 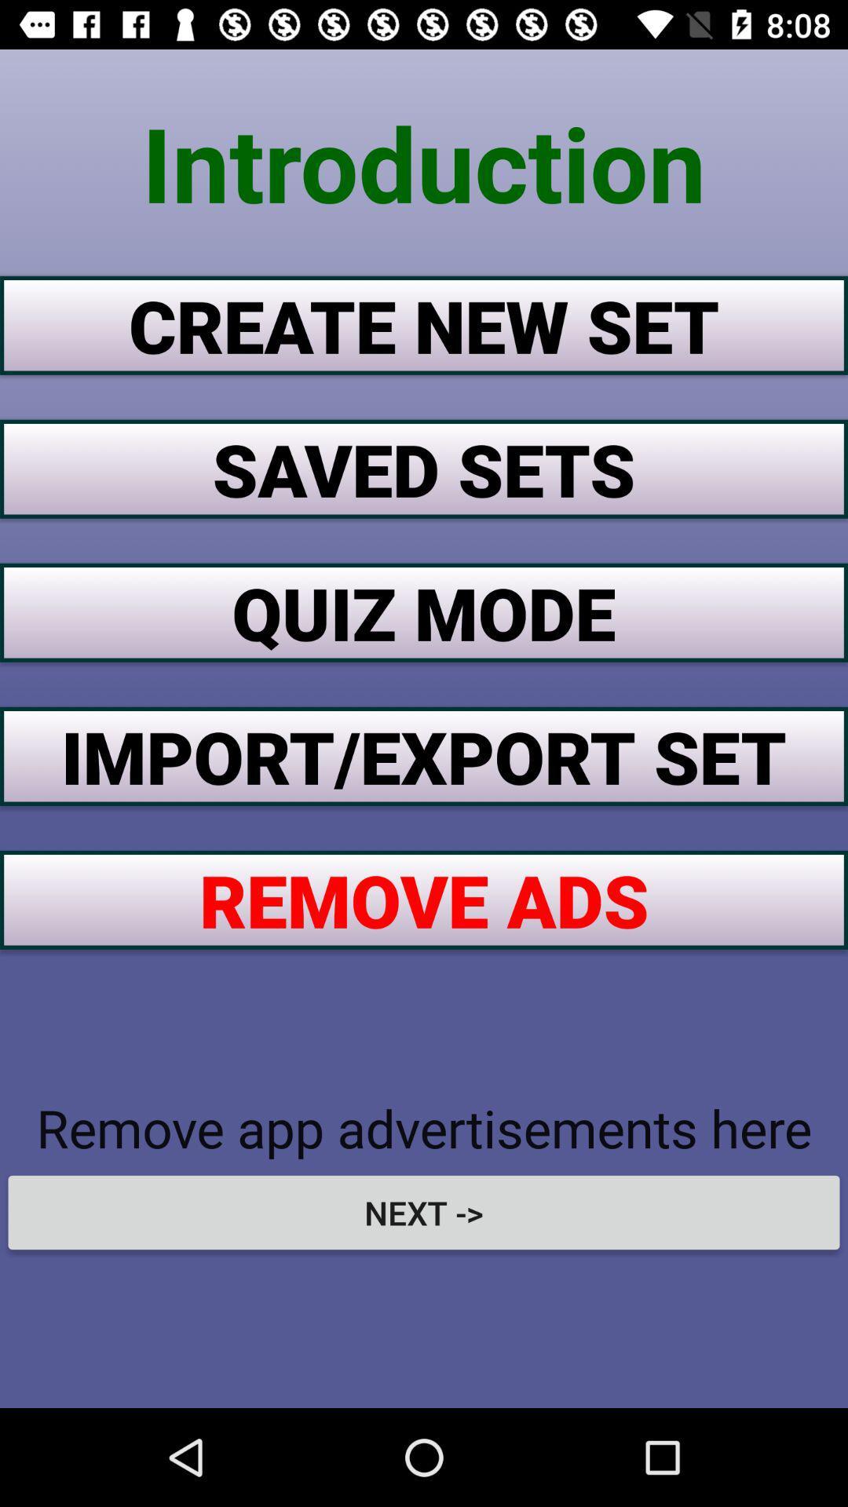 What do you see at coordinates (424, 756) in the screenshot?
I see `the button below the quiz mode item` at bounding box center [424, 756].